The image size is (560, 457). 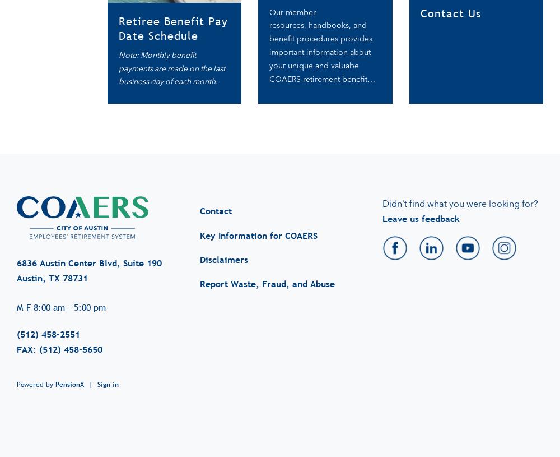 I want to click on 'Austin, TX 78731', so click(x=52, y=267).